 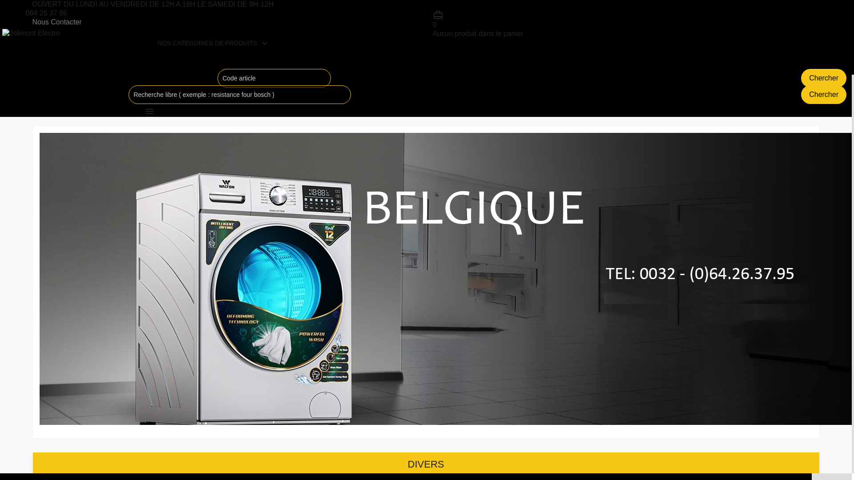 I want to click on 'Chercher', so click(x=823, y=78).